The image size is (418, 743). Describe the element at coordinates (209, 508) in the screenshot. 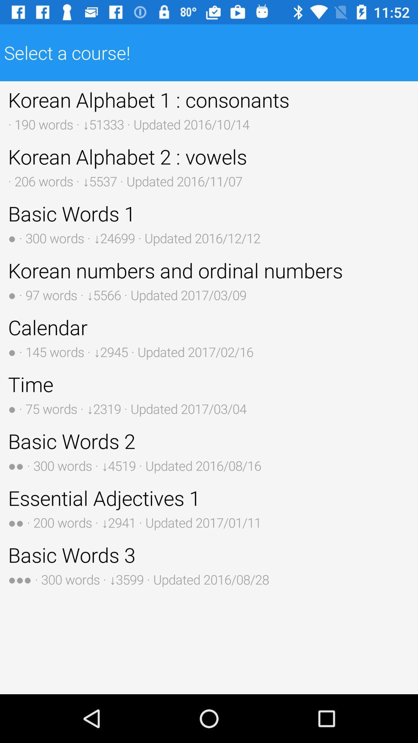

I see `essential adjectives 1` at that location.